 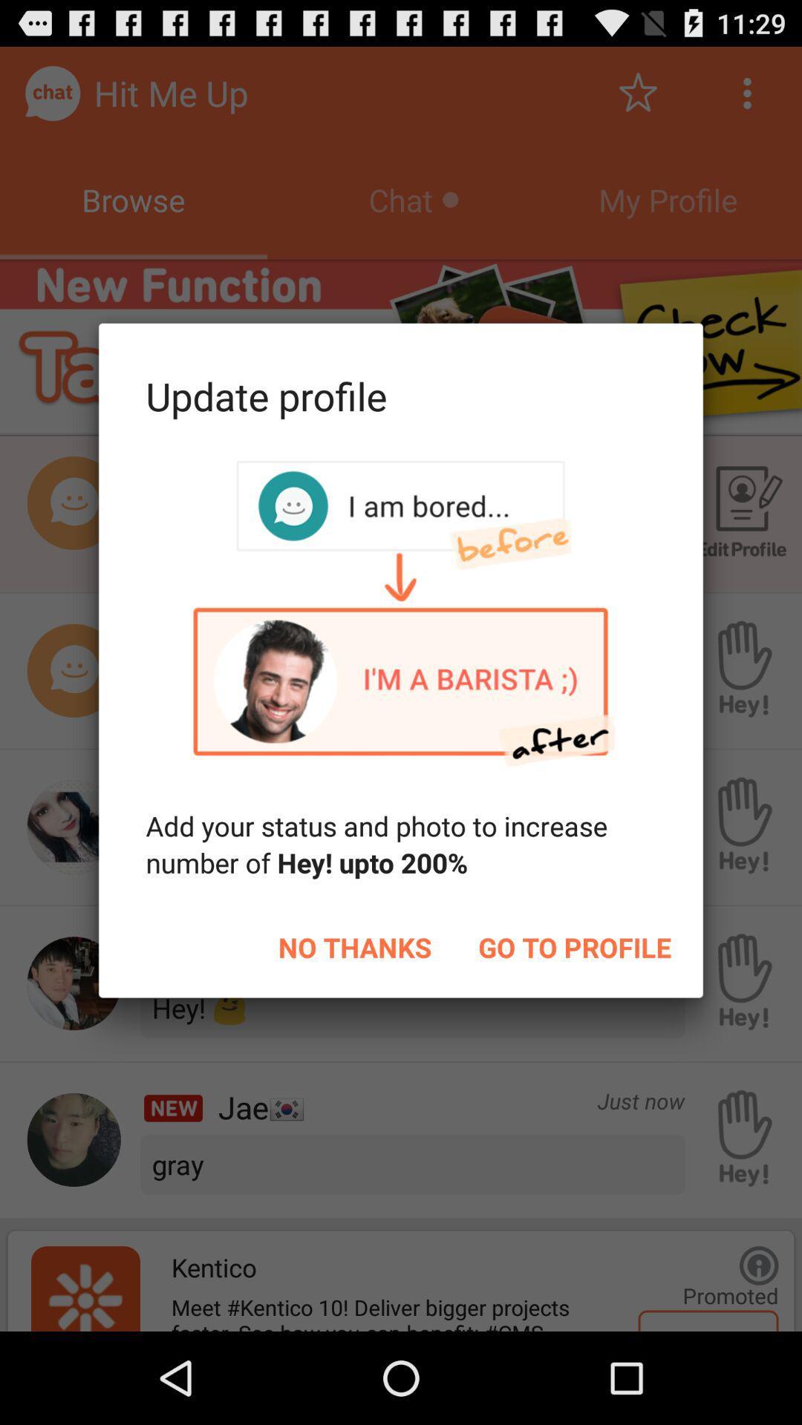 I want to click on item on the right, so click(x=574, y=946).